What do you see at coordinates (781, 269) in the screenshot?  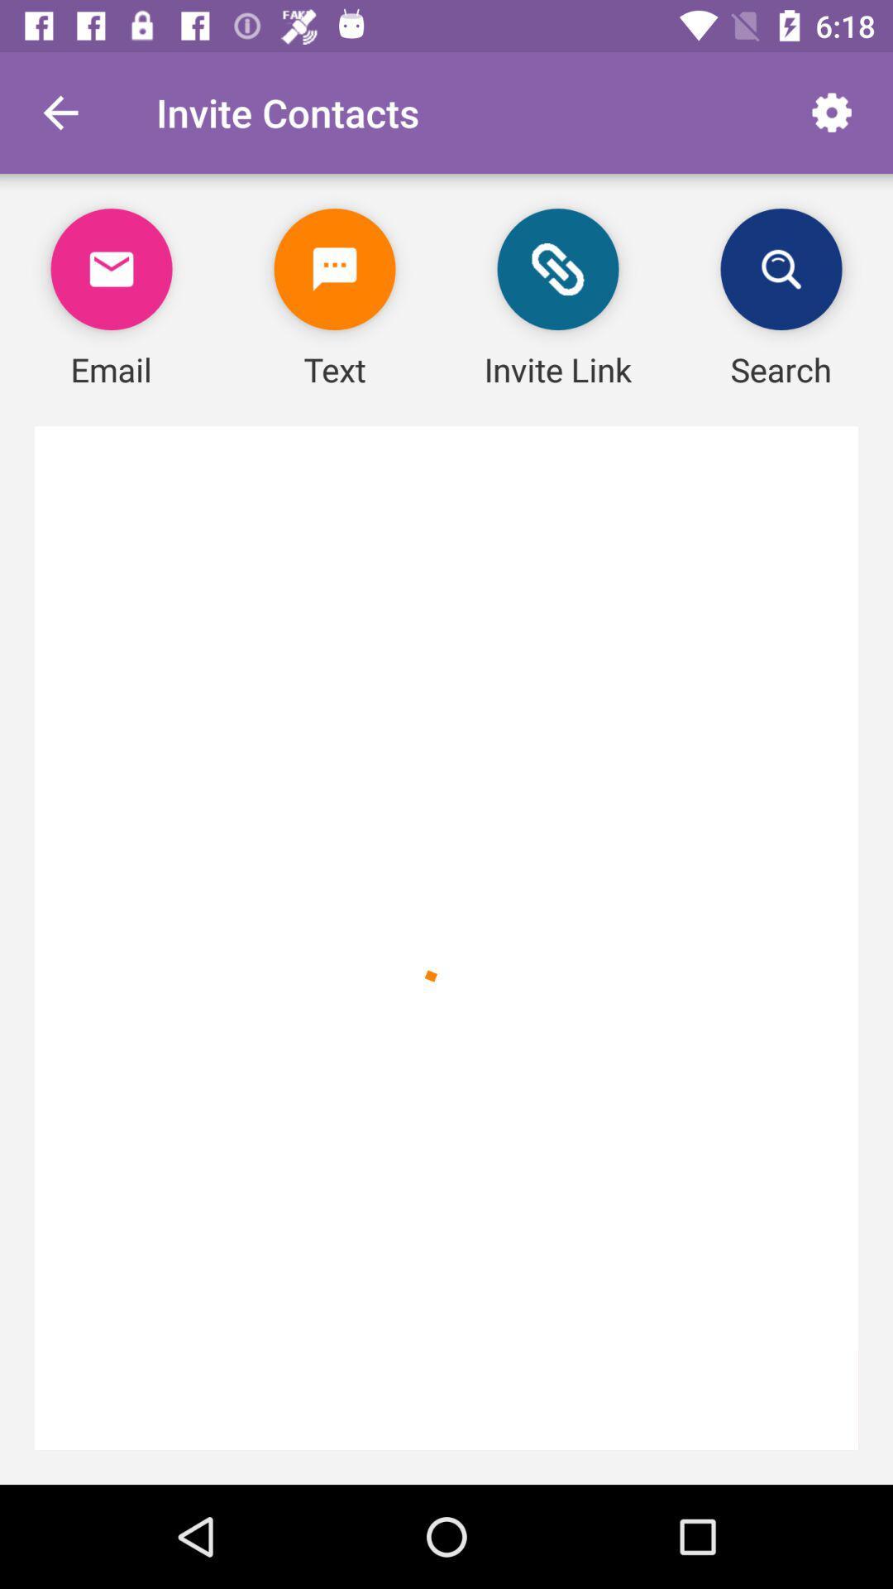 I see `the search icon` at bounding box center [781, 269].